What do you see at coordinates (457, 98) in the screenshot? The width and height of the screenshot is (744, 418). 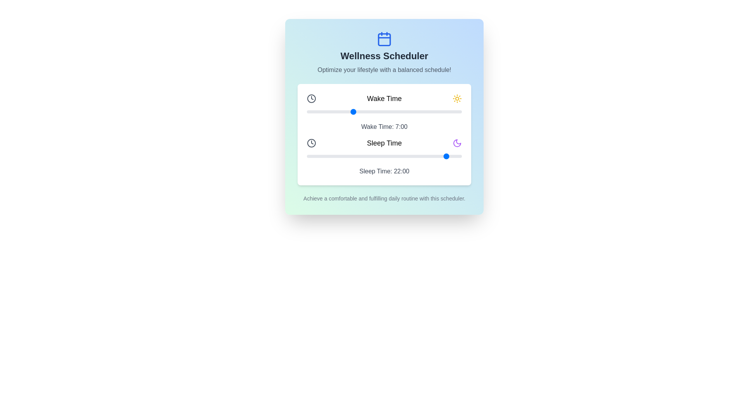 I see `the decorative icon representing daytime or morning located beside the 'Wake Time' label in the upper interactive card of the Wellness Scheduler` at bounding box center [457, 98].